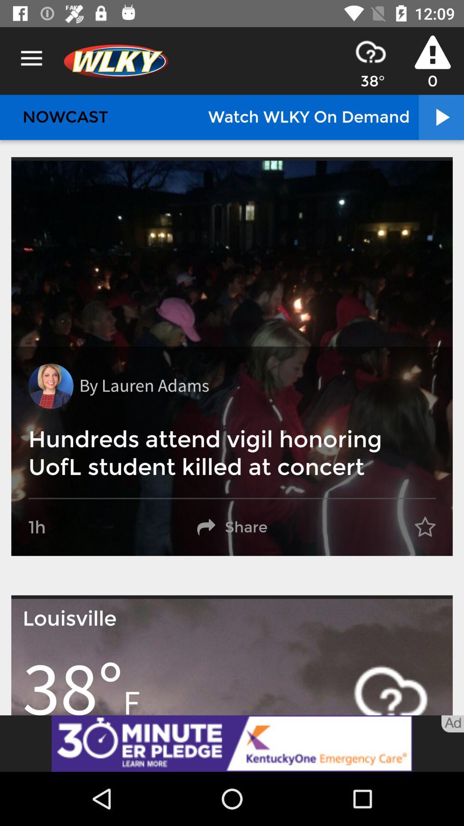  What do you see at coordinates (232, 527) in the screenshot?
I see `share` at bounding box center [232, 527].